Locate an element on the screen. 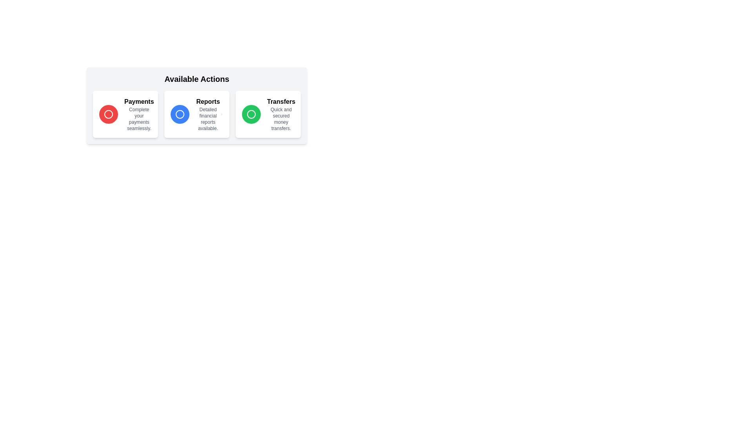 Image resolution: width=753 pixels, height=423 pixels. the selectable money transfer Card located as the third card in the 'Available Actions' section, positioned to the right of the 'Payments' and 'Reports' cards is located at coordinates (268, 114).